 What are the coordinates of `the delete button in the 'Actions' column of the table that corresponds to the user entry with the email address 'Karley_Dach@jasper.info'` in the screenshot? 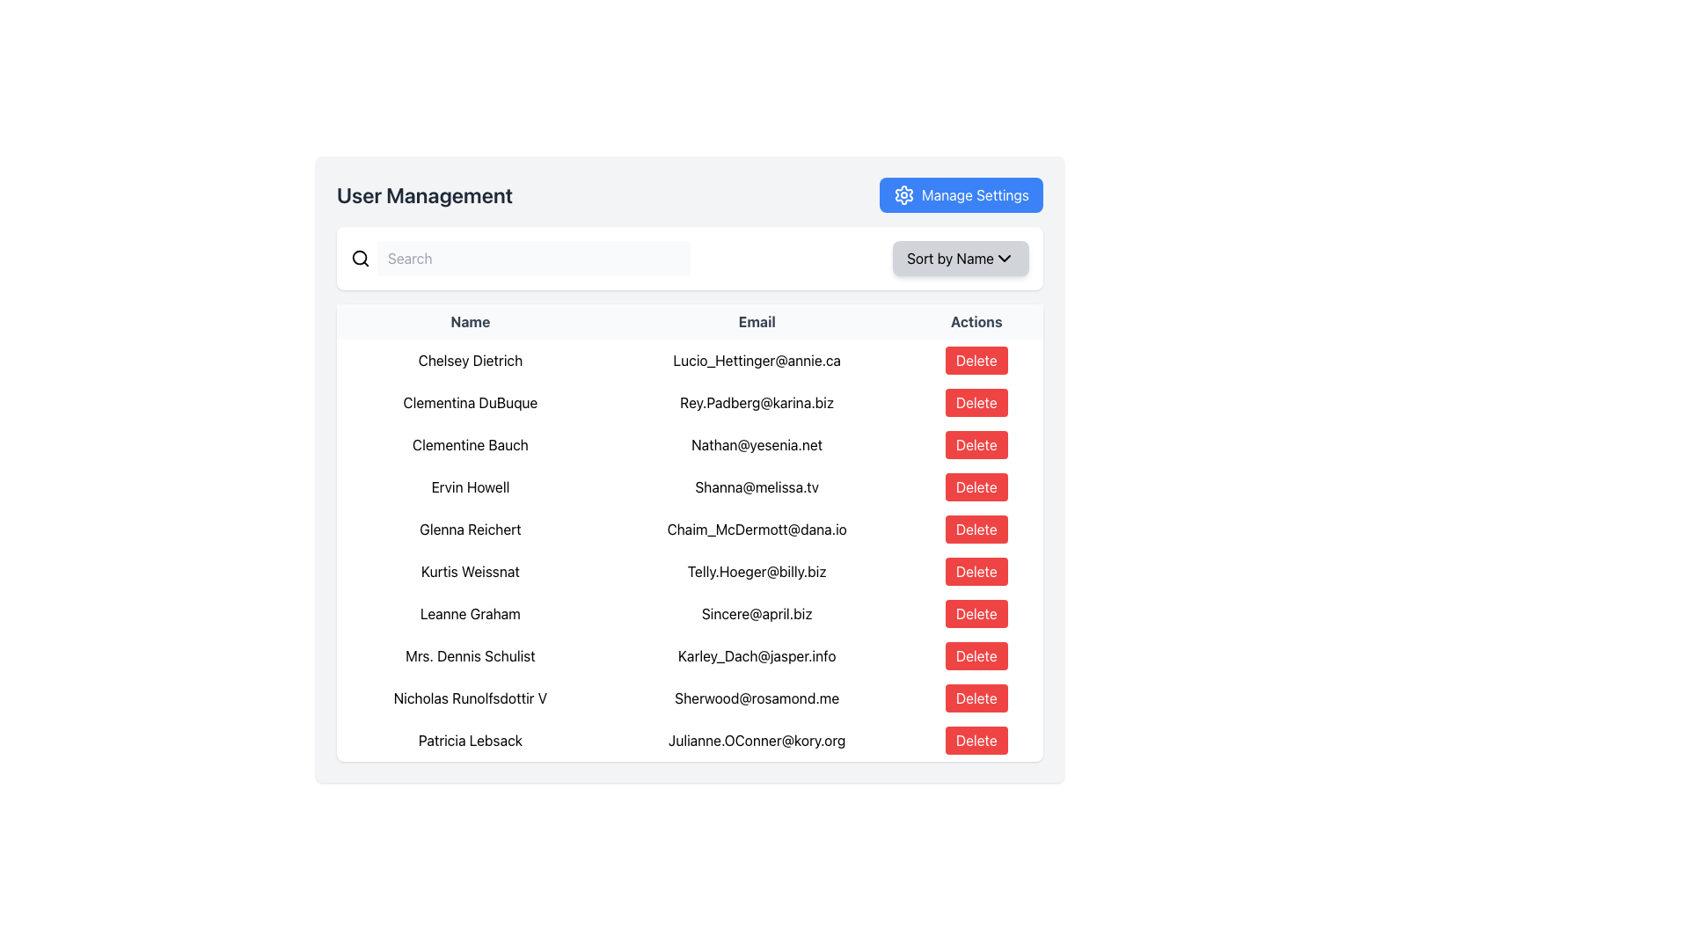 It's located at (976, 655).